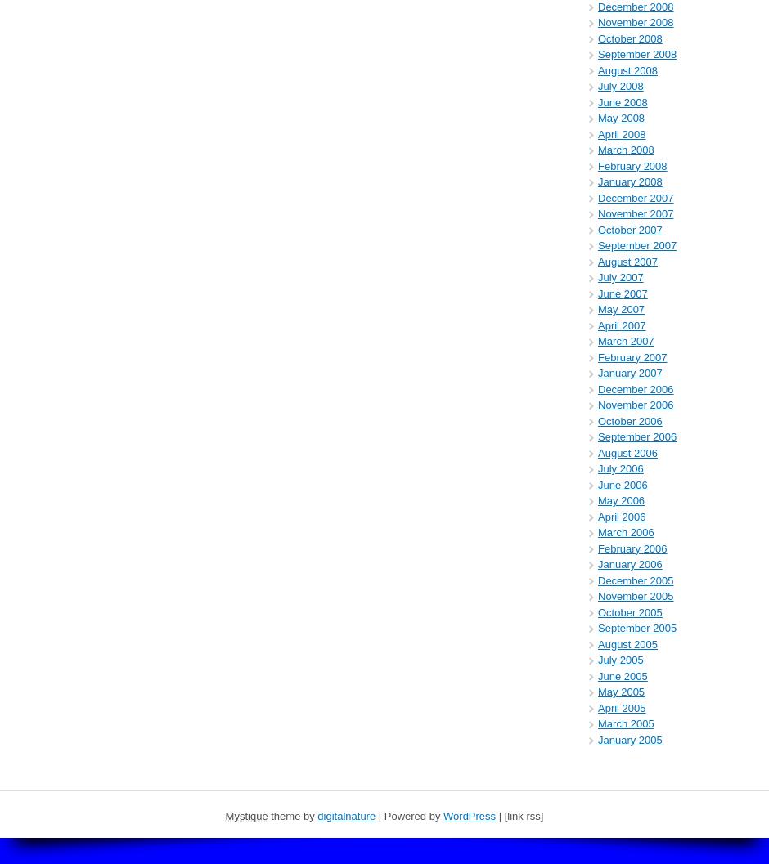  What do you see at coordinates (620, 133) in the screenshot?
I see `'April 2008'` at bounding box center [620, 133].